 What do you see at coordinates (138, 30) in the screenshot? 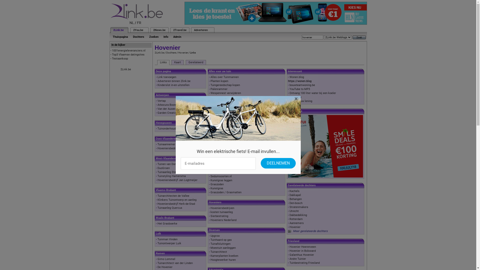
I see `'2You.be'` at bounding box center [138, 30].